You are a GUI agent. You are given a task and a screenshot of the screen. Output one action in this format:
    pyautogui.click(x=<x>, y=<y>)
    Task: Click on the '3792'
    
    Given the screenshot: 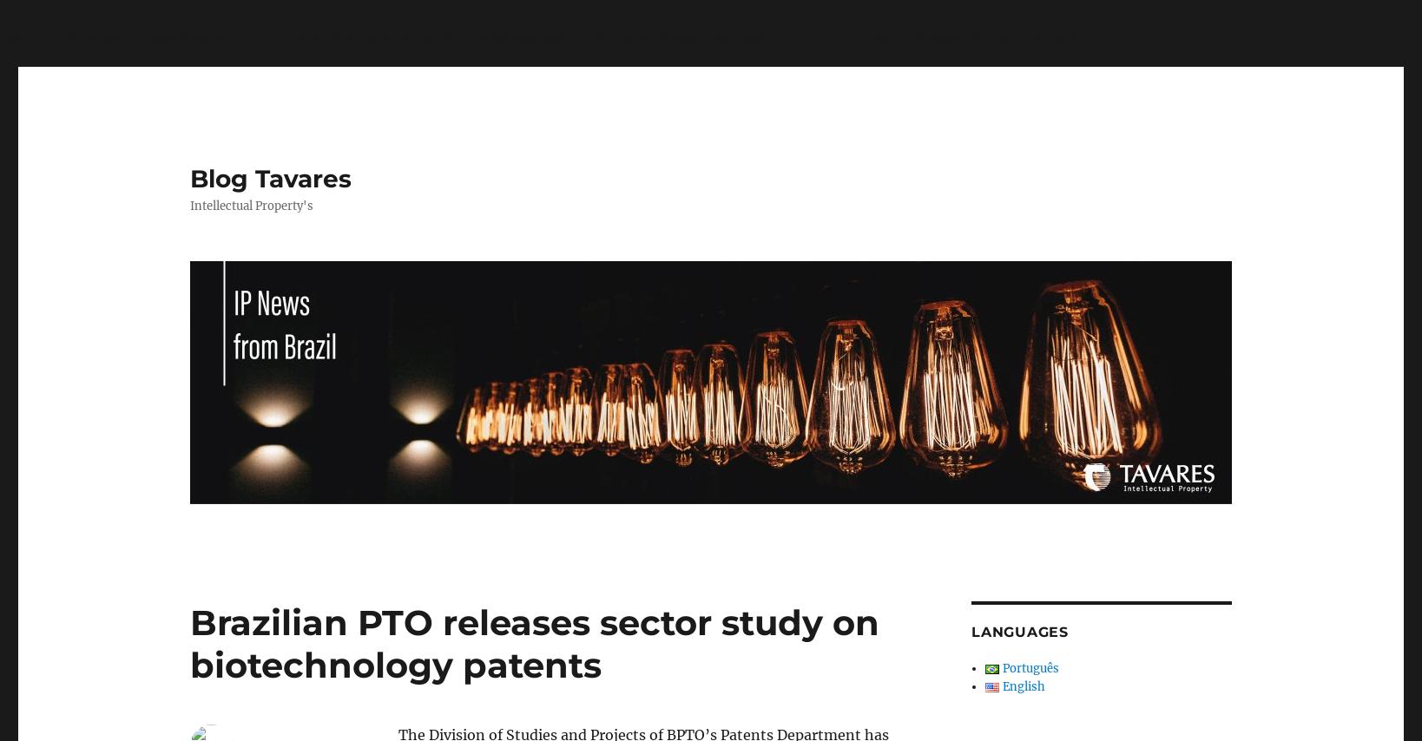 What is the action you would take?
    pyautogui.click(x=1148, y=36)
    